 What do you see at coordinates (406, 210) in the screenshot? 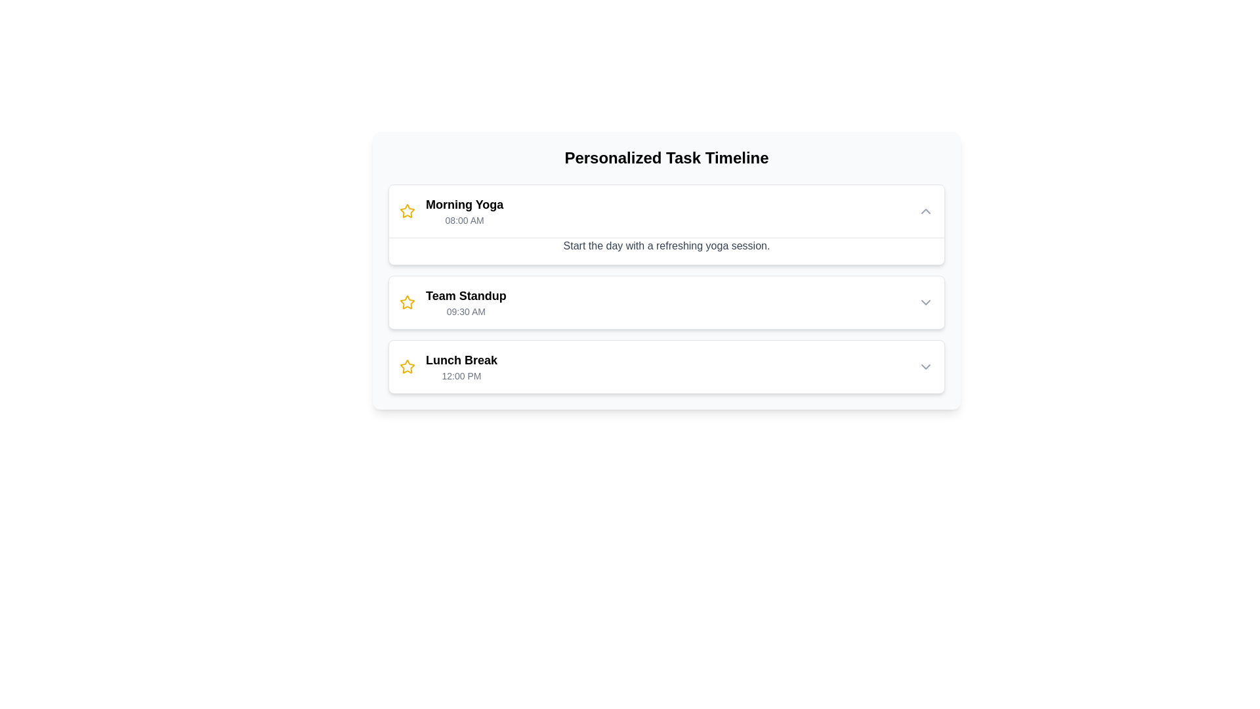
I see `the star-shaped icon filled with yellow color located to the left of the text 'Morning Yoga' and '08:00 AM'` at bounding box center [406, 210].